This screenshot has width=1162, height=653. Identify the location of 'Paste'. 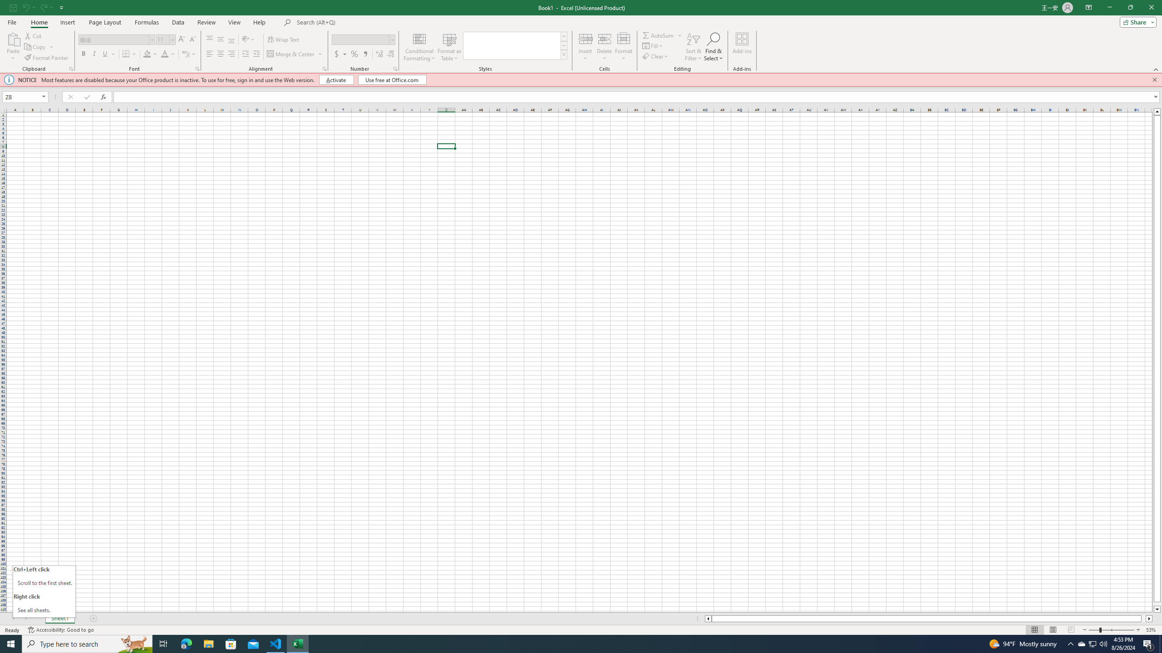
(13, 47).